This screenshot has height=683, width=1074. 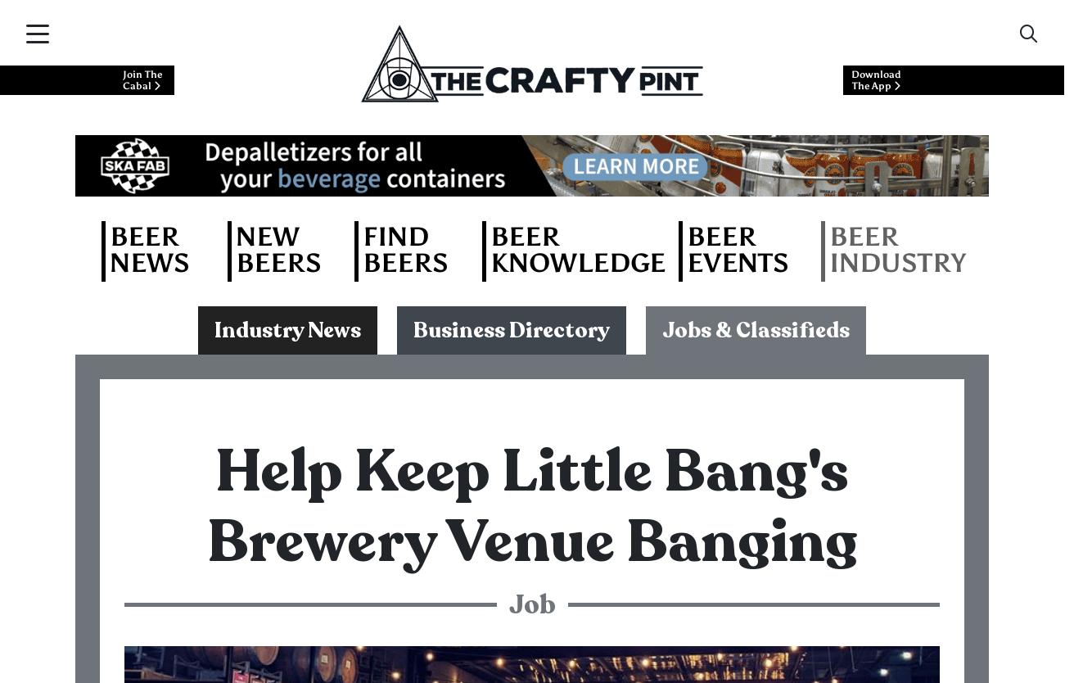 I want to click on 'Job Description: Part-Time Bar Supervisor', so click(x=377, y=265).